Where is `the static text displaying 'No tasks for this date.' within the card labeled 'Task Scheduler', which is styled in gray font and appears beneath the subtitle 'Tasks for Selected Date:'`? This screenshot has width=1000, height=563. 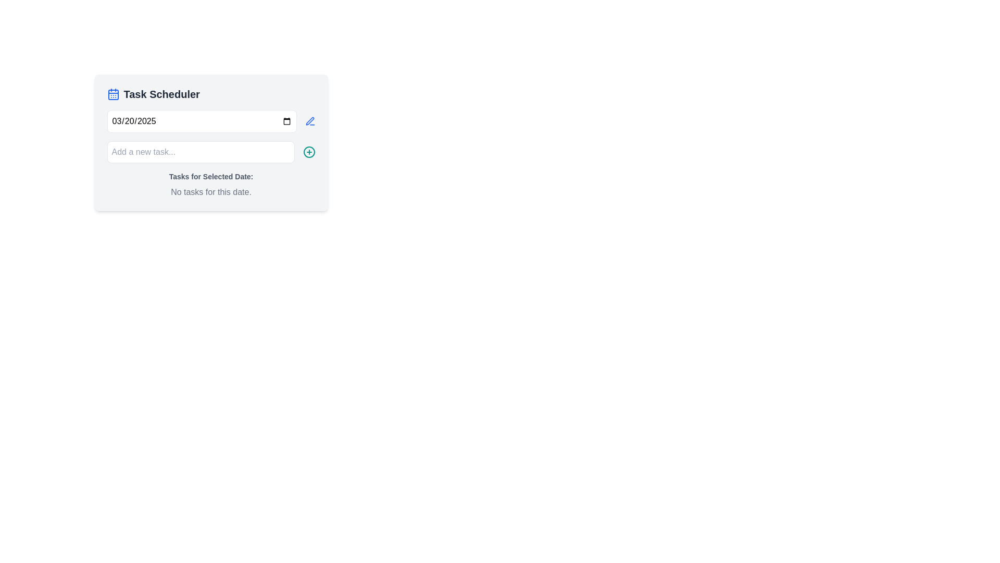
the static text displaying 'No tasks for this date.' within the card labeled 'Task Scheduler', which is styled in gray font and appears beneath the subtitle 'Tasks for Selected Date:' is located at coordinates (210, 192).